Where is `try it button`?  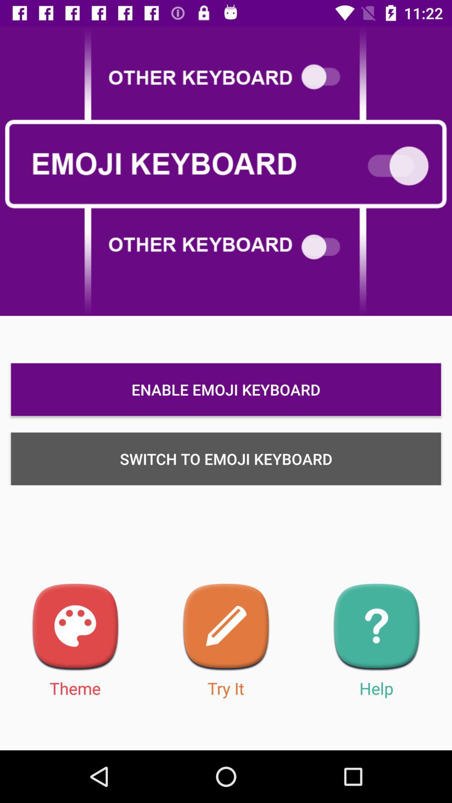 try it button is located at coordinates (226, 627).